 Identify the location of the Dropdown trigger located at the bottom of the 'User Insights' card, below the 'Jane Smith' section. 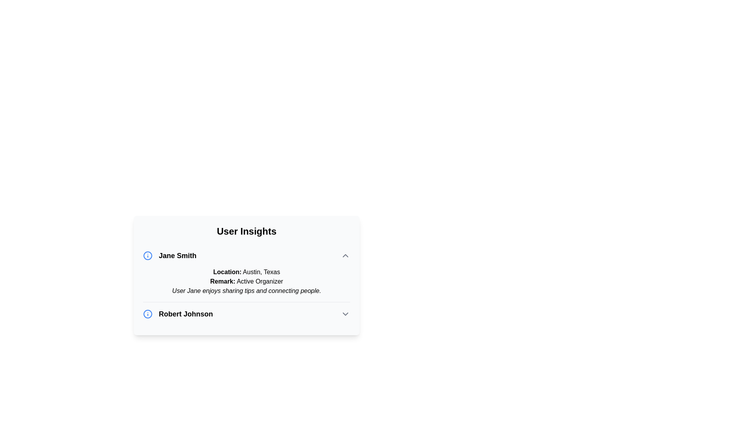
(246, 314).